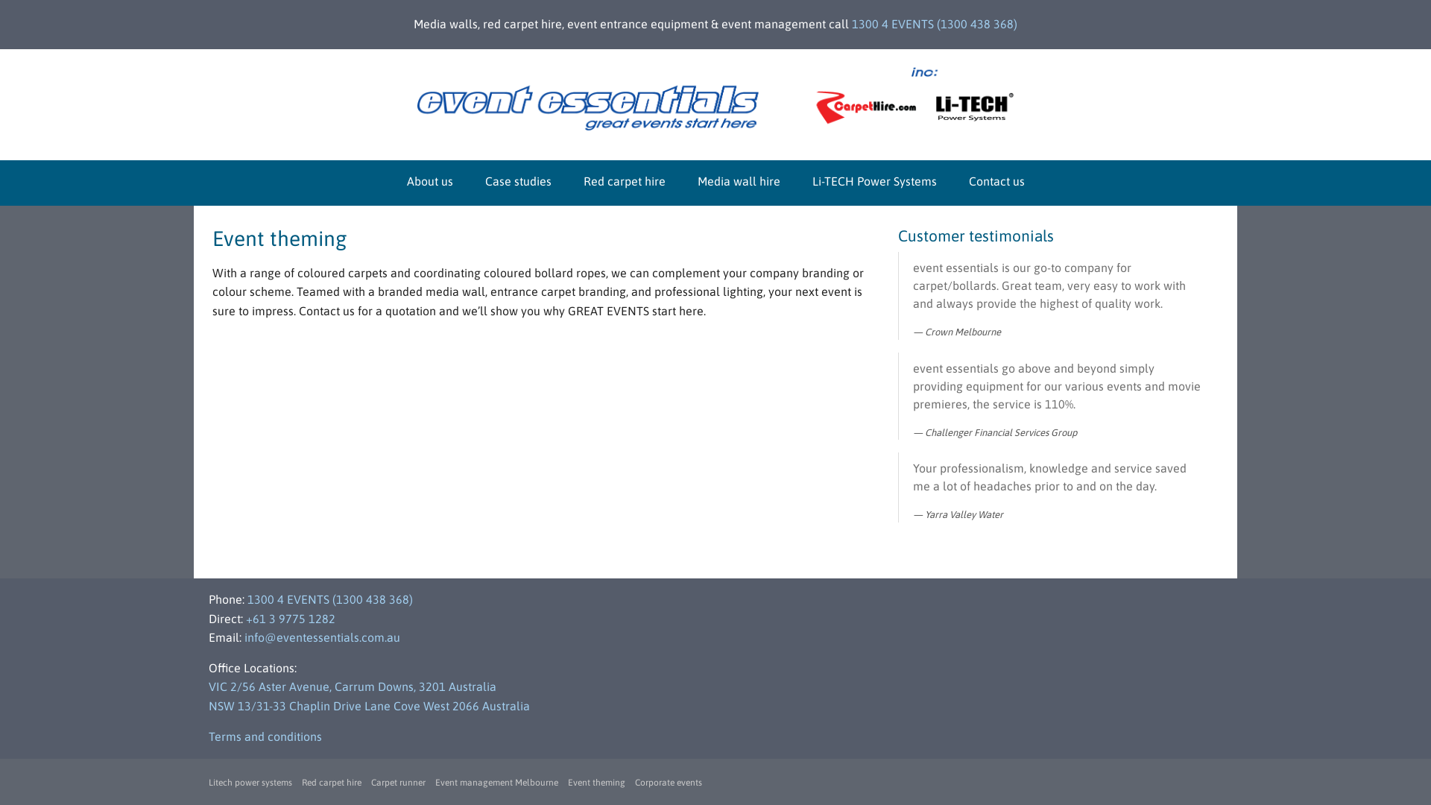 The image size is (1431, 805). What do you see at coordinates (398, 781) in the screenshot?
I see `'Carpet runner'` at bounding box center [398, 781].